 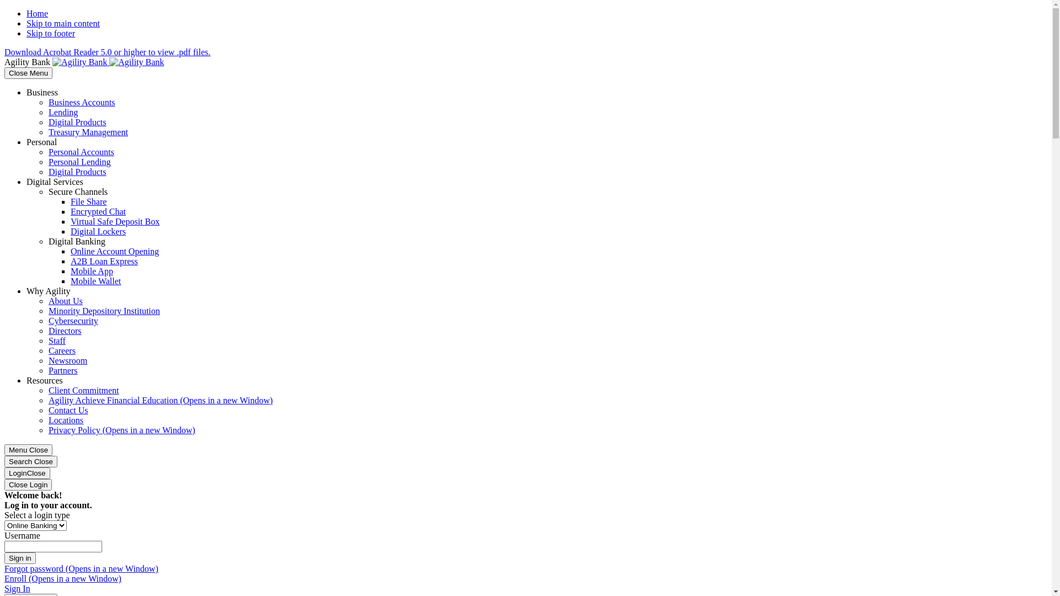 I want to click on 'Treasury Management', so click(x=87, y=131).